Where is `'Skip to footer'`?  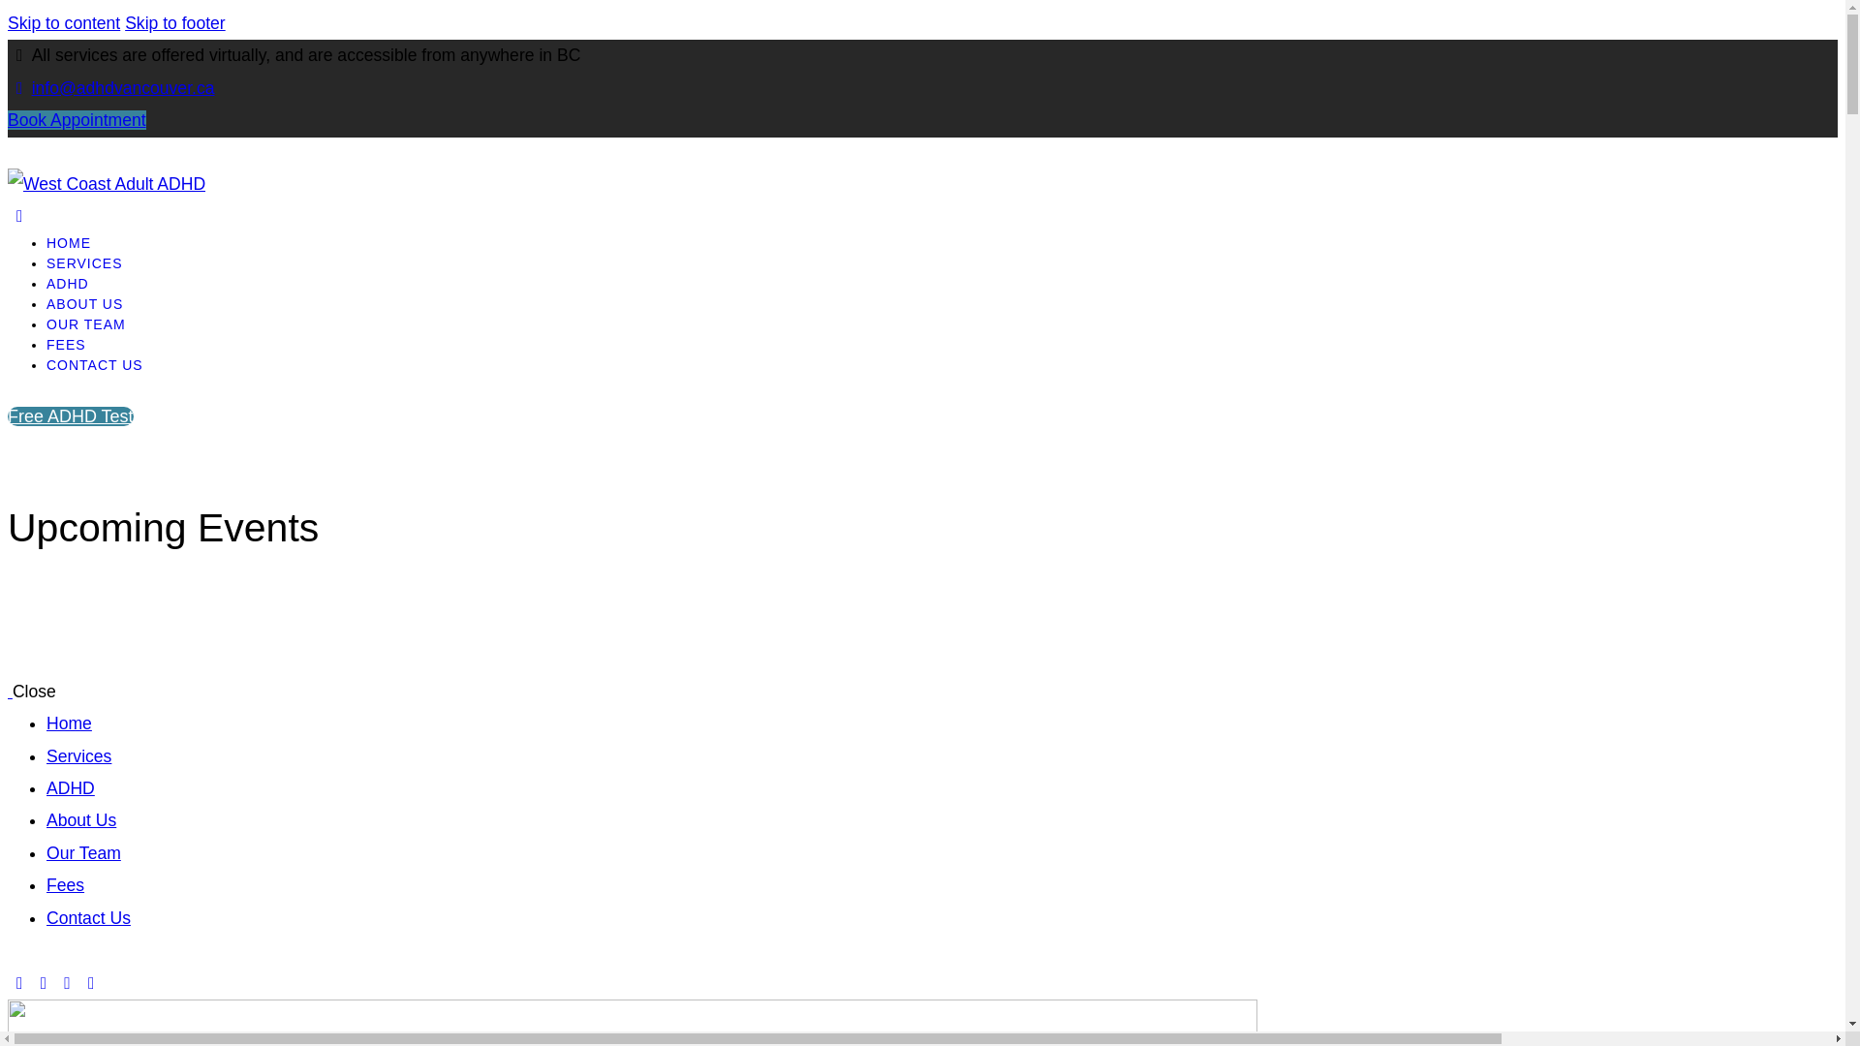 'Skip to footer' is located at coordinates (175, 22).